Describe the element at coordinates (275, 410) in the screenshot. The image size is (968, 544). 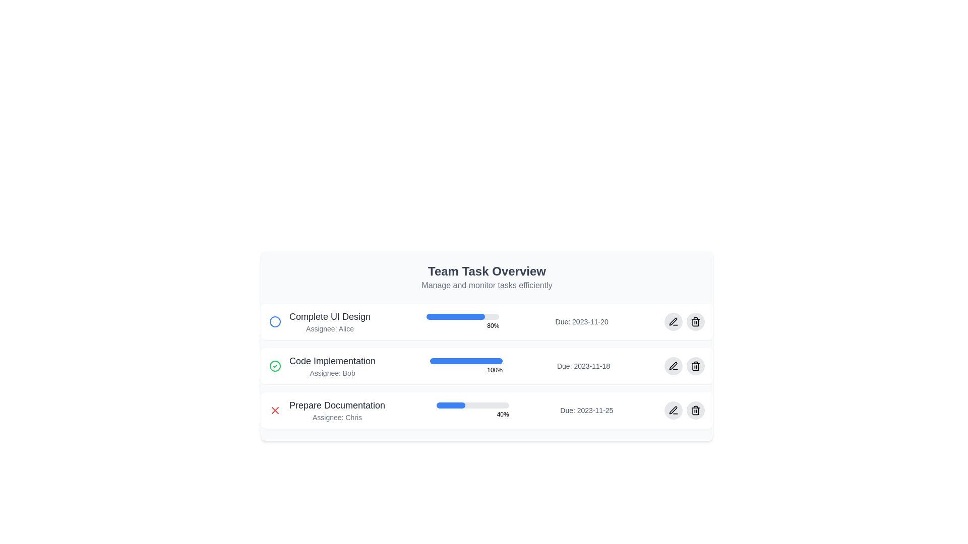
I see `the red circular 'X' icon button on the left side of the 'Prepare Documentation' task description row in the 'Team Task Overview' panel` at that location.